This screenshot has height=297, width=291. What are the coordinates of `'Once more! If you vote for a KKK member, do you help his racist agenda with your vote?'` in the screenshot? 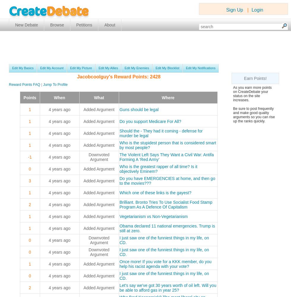 It's located at (165, 264).